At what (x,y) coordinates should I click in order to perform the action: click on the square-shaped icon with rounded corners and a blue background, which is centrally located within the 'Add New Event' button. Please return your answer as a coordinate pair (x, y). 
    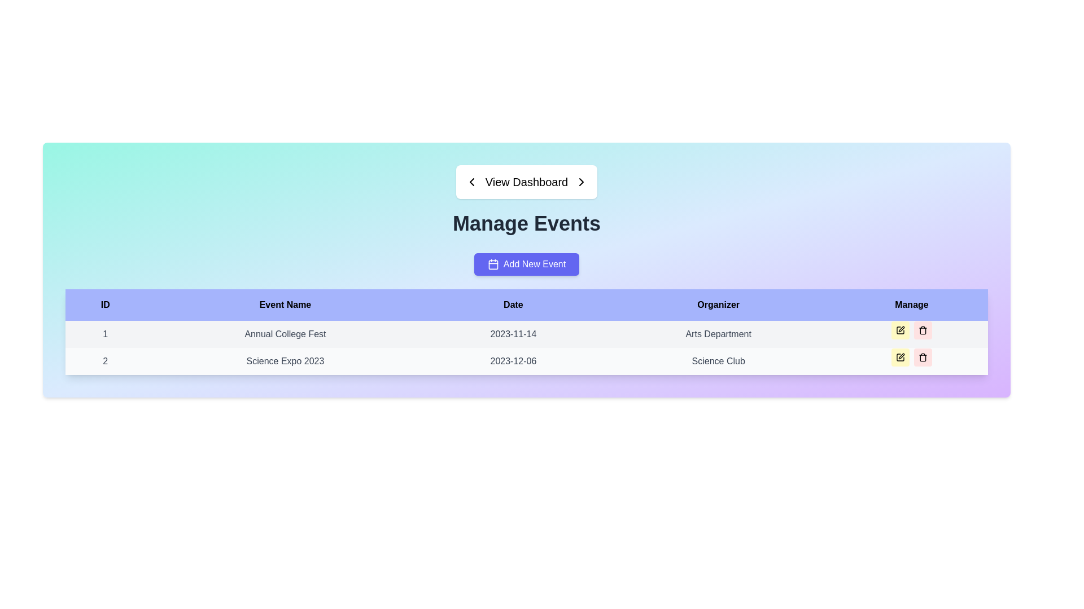
    Looking at the image, I should click on (493, 264).